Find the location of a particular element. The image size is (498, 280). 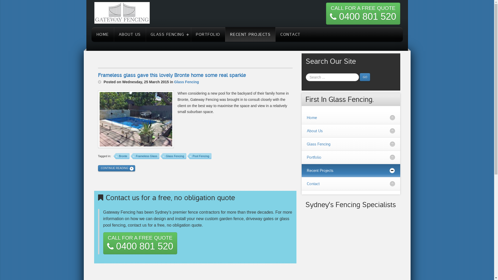

'Glass Fencing' is located at coordinates (186, 82).